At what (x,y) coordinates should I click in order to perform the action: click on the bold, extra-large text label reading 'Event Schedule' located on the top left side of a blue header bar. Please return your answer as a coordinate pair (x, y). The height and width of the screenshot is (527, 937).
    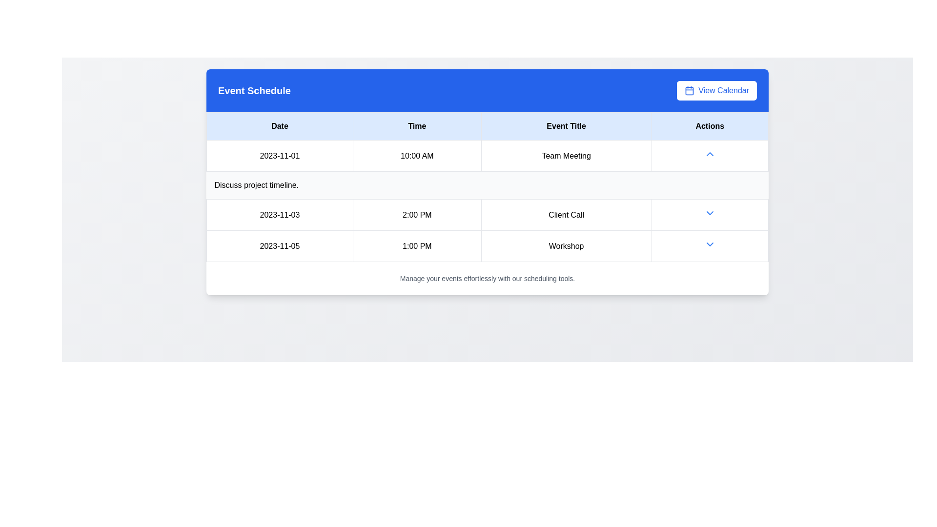
    Looking at the image, I should click on (254, 90).